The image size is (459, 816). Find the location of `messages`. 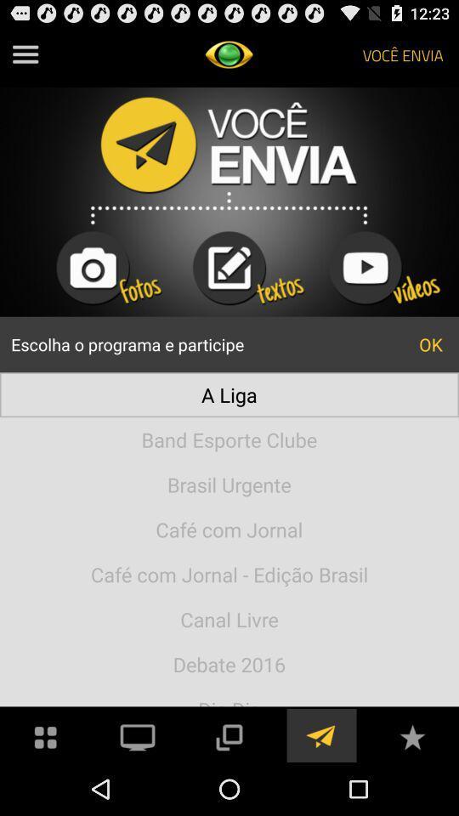

messages is located at coordinates (320, 734).